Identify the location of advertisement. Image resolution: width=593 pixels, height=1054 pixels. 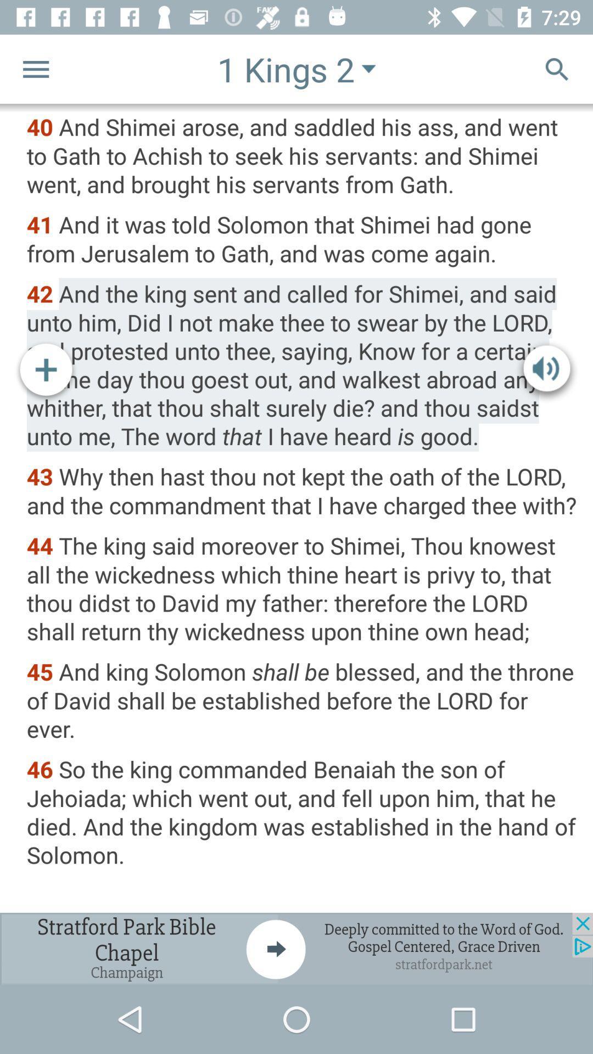
(296, 948).